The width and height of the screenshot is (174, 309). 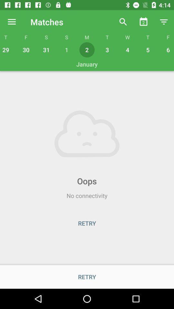 What do you see at coordinates (127, 49) in the screenshot?
I see `the item to the right of the 3` at bounding box center [127, 49].